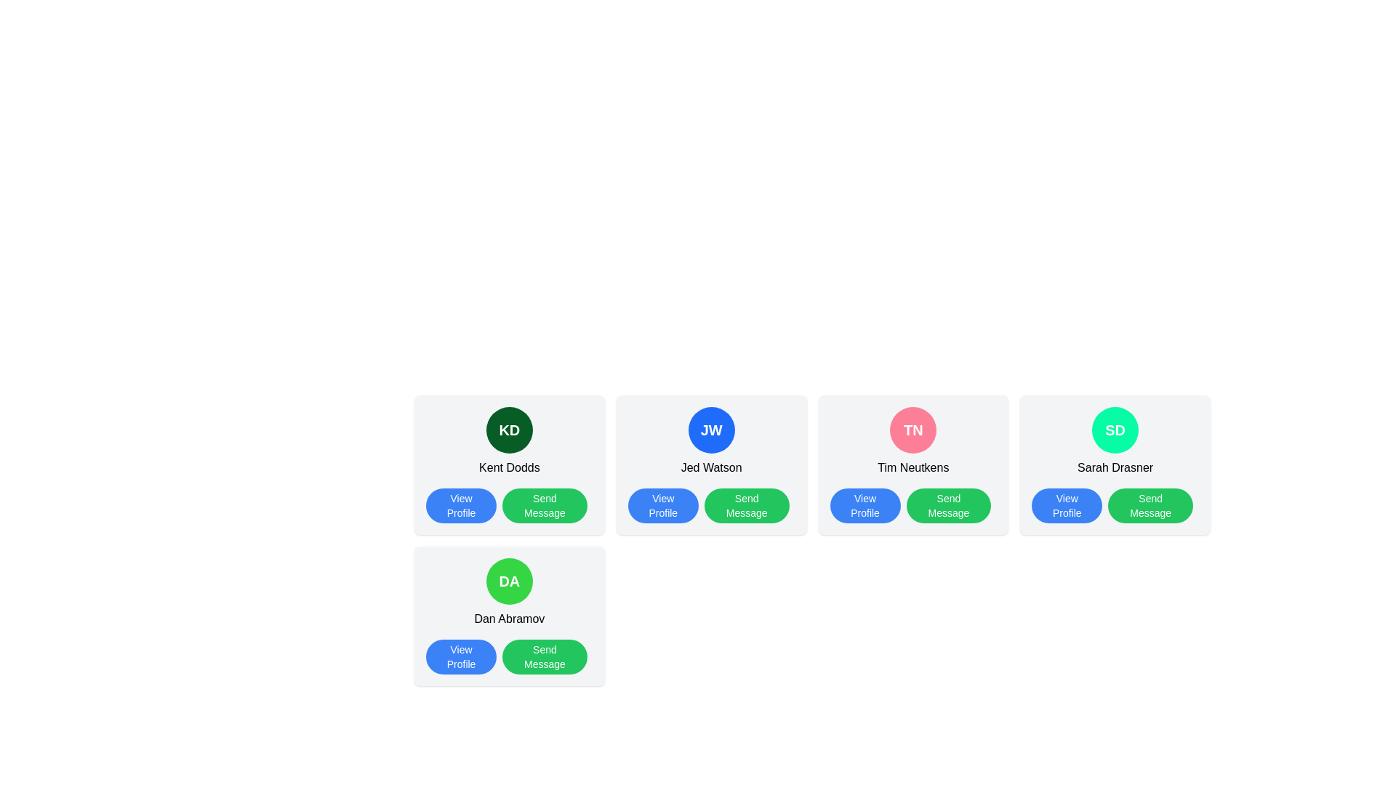 The image size is (1396, 785). I want to click on the buttons within the Card component that displays user information, located in the fifth position of the grid layout, centered horizontally below the first card ('Kent Dodds'), so click(509, 616).